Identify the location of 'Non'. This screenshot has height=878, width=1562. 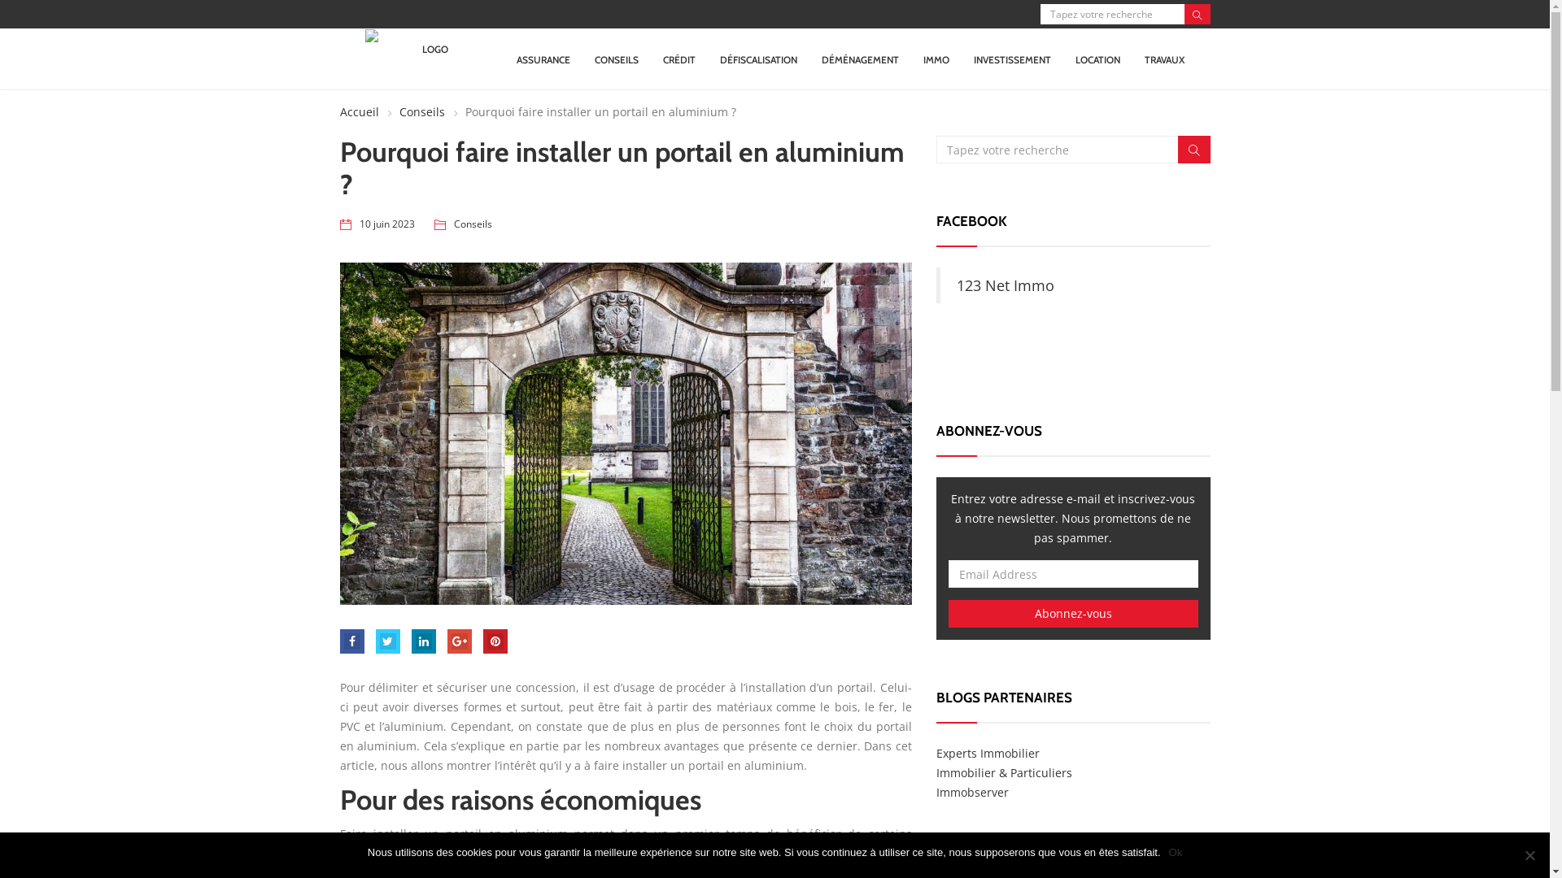
(1529, 854).